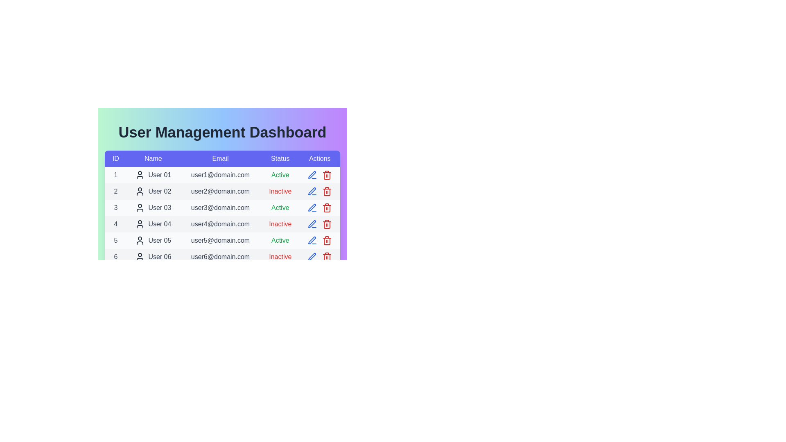  What do you see at coordinates (312, 421) in the screenshot?
I see `the edit icon for the user with ID 16` at bounding box center [312, 421].